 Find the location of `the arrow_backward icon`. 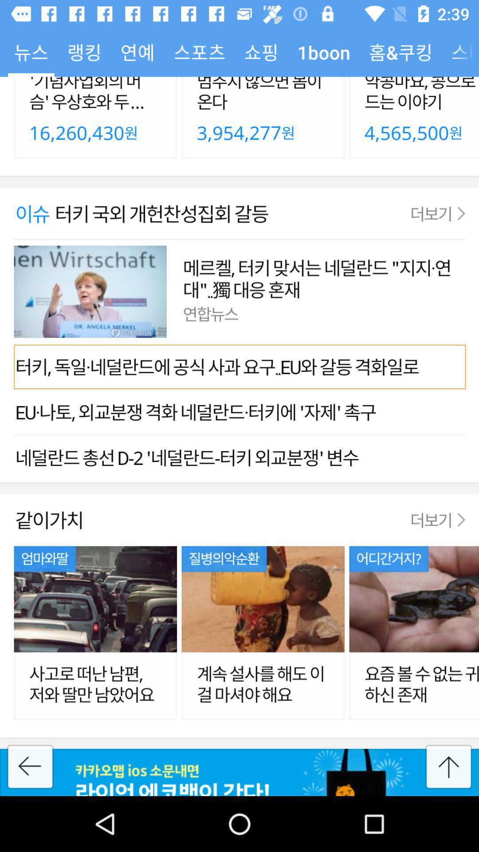

the arrow_backward icon is located at coordinates (30, 766).